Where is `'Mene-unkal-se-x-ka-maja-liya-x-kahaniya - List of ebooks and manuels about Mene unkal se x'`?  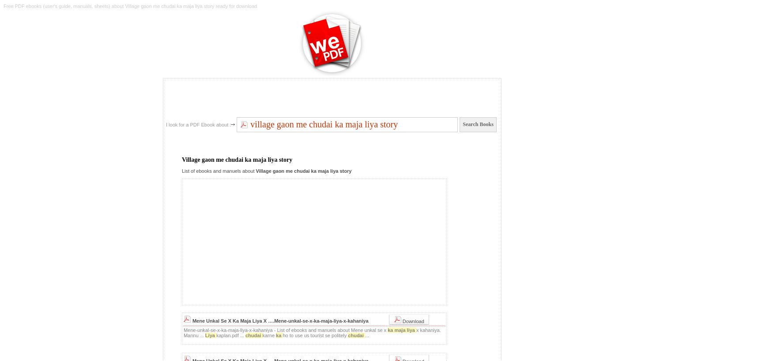 'Mene-unkal-se-x-ka-maja-liya-x-kahaniya - List of ebooks and manuels about Mene unkal se x' is located at coordinates (285, 329).